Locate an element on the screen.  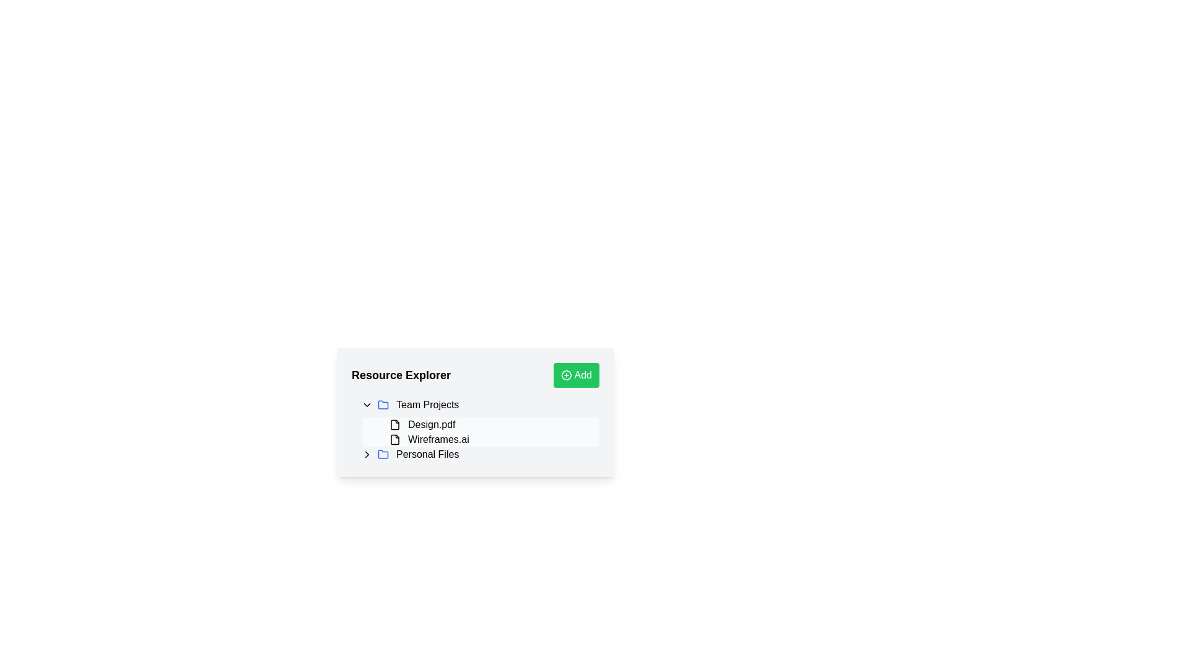
the downward-facing chevron icon located to the left of the 'Team Projects' text label in the Resource Explorer interface for visual feedback is located at coordinates (367, 405).